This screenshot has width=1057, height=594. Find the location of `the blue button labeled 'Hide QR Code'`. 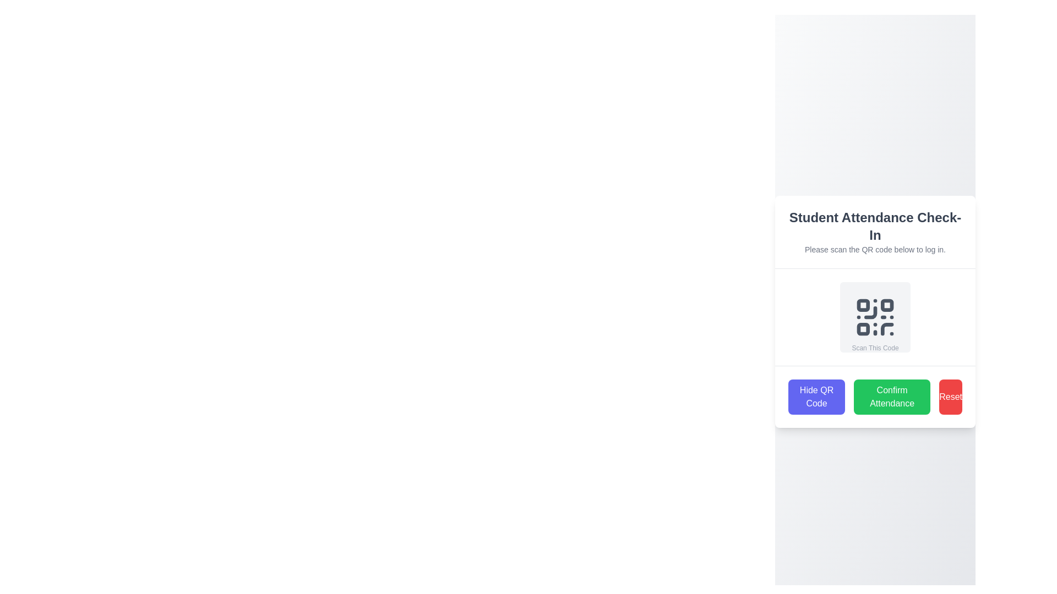

the blue button labeled 'Hide QR Code' is located at coordinates (816, 397).